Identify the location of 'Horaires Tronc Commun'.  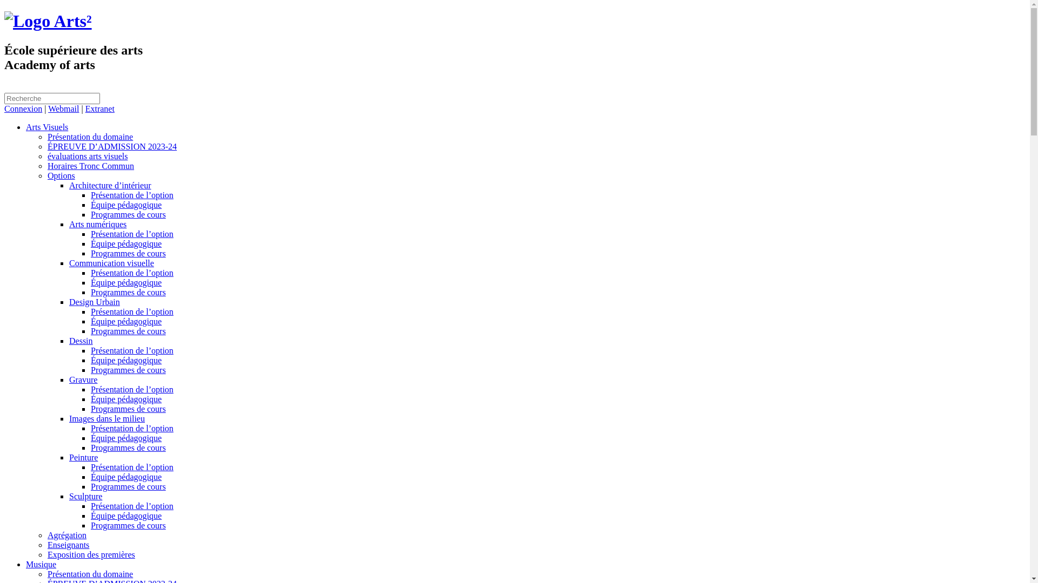
(91, 166).